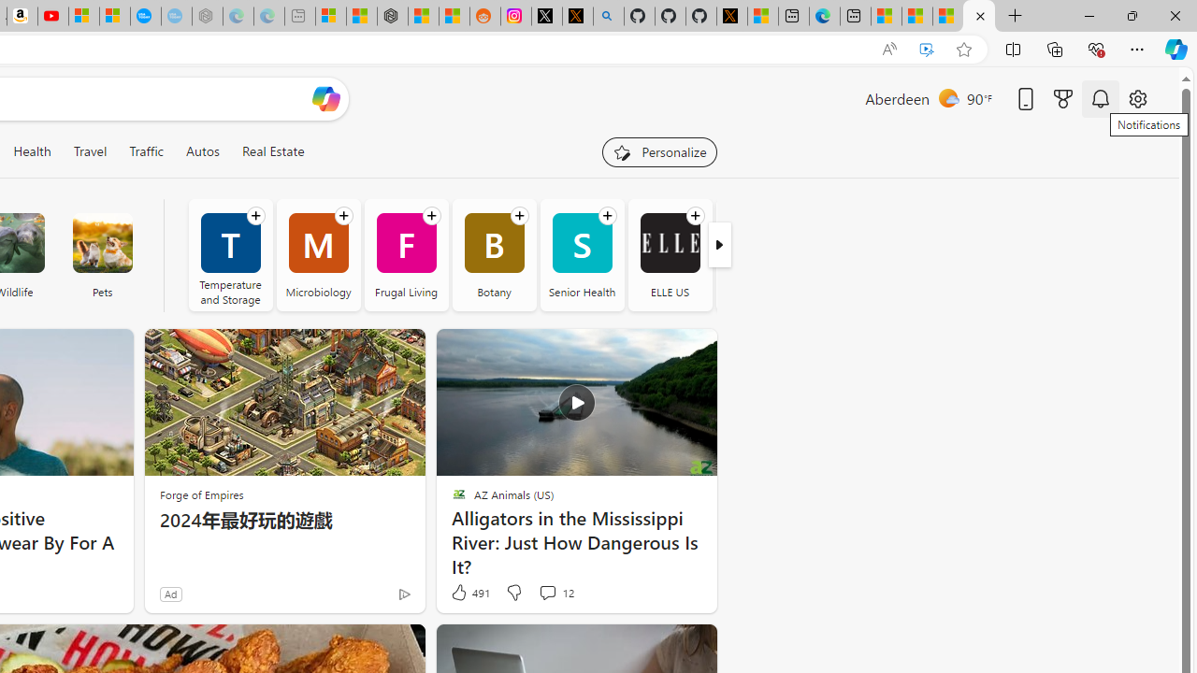  I want to click on 'Forge of Empires', so click(201, 494).